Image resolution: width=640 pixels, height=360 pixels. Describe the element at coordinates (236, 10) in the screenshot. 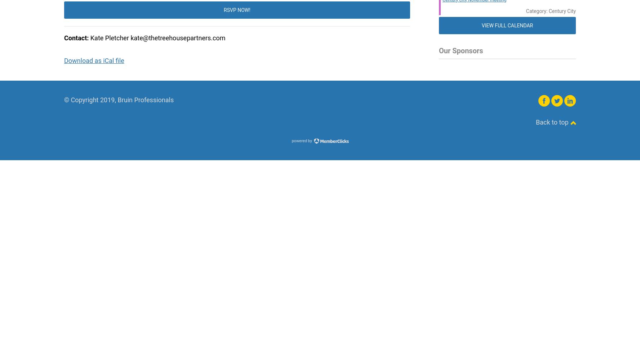

I see `'RSVP Now!'` at that location.